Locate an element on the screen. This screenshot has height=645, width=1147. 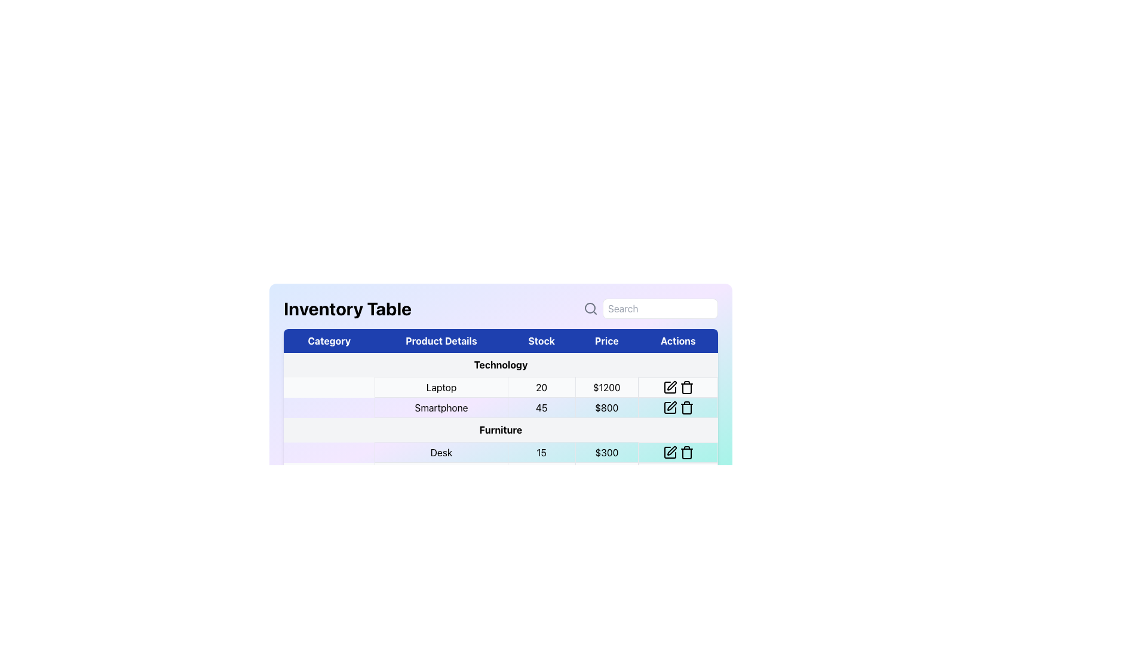
the text label that displays 'Actions', which is styled with a centered alignment and has a white font on a blue background, located at the top-right corner of the table is located at coordinates (678, 340).